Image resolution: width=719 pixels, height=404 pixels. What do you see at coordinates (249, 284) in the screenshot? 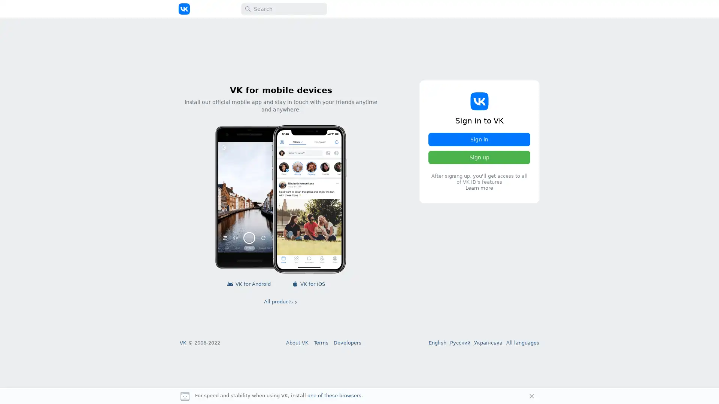
I see `VK for Android` at bounding box center [249, 284].